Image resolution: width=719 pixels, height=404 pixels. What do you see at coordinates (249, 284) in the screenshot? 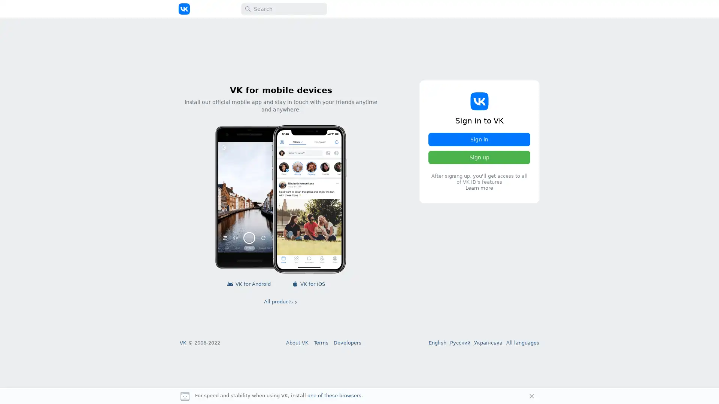
I see `VK for Android` at bounding box center [249, 284].